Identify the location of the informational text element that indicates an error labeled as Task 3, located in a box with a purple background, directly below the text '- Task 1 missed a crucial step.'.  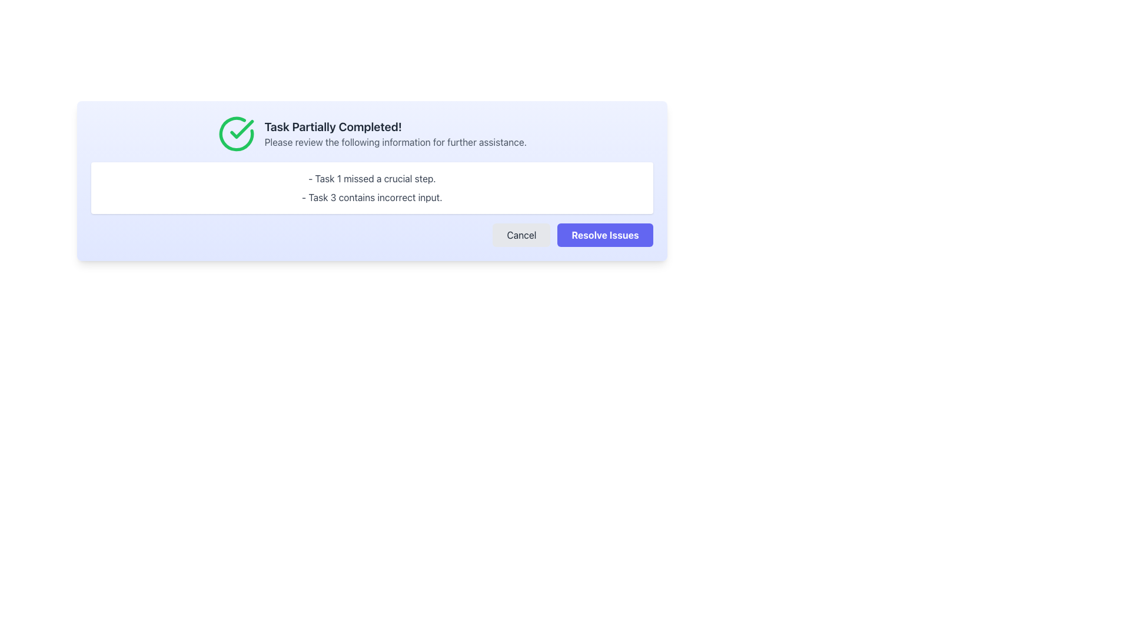
(371, 196).